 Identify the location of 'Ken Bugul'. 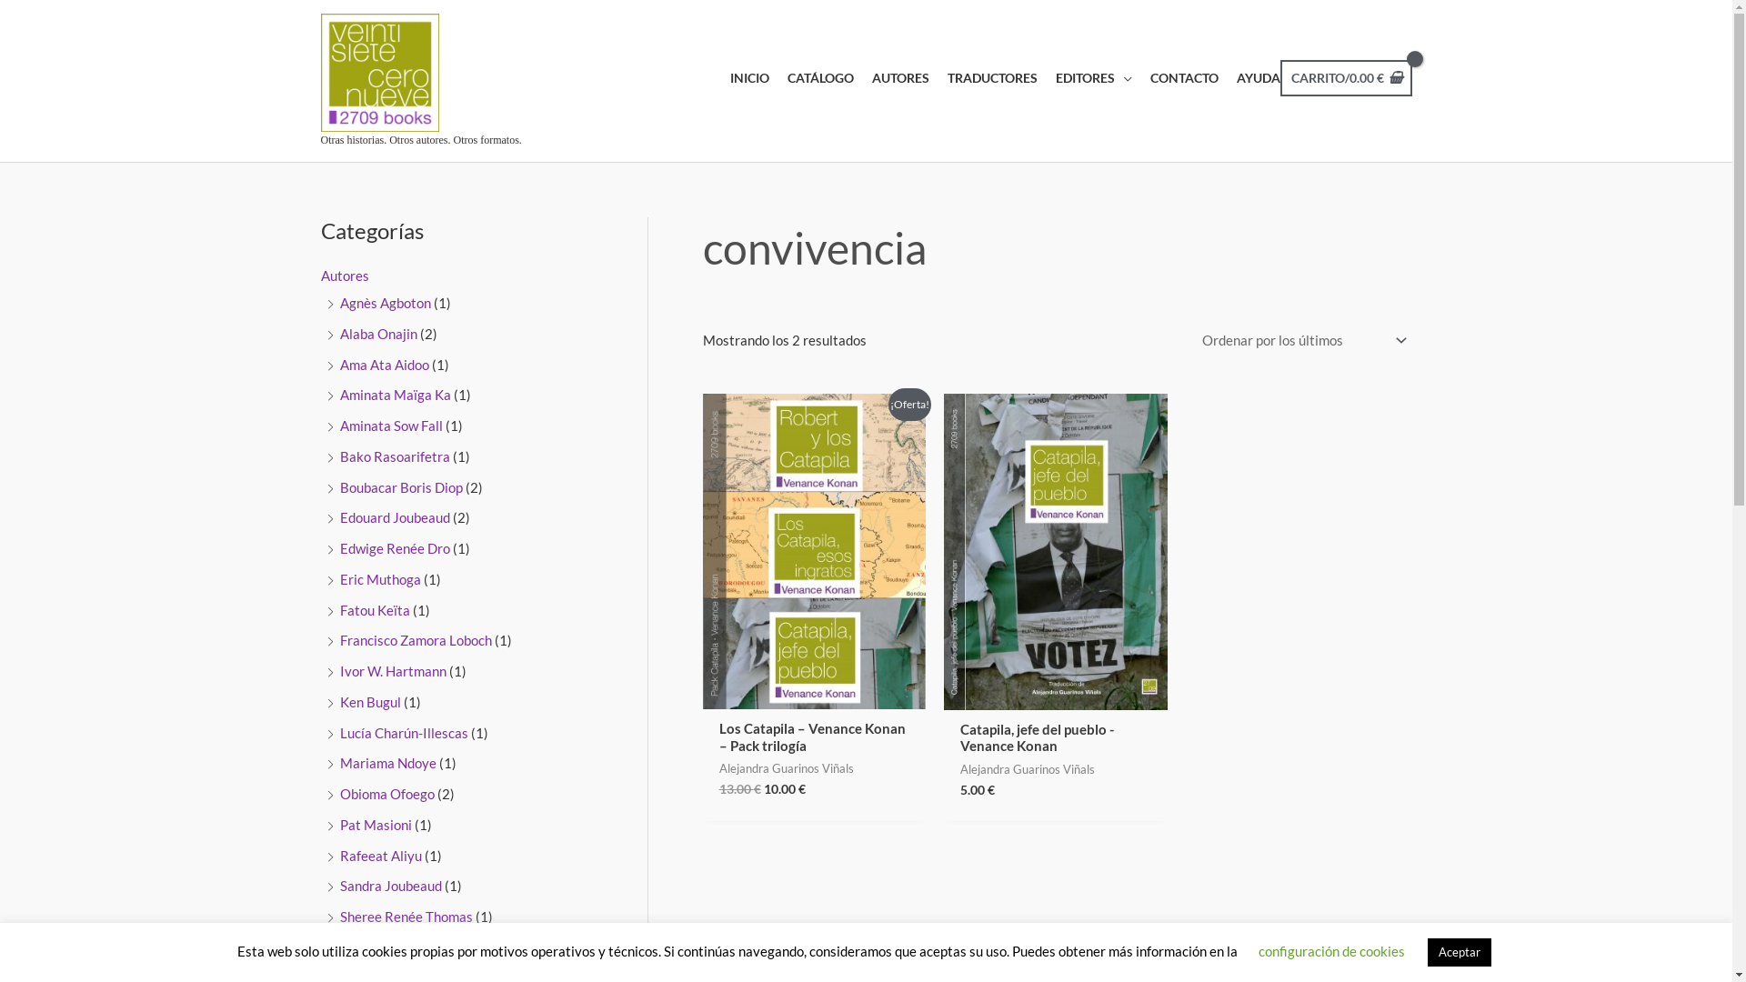
(369, 700).